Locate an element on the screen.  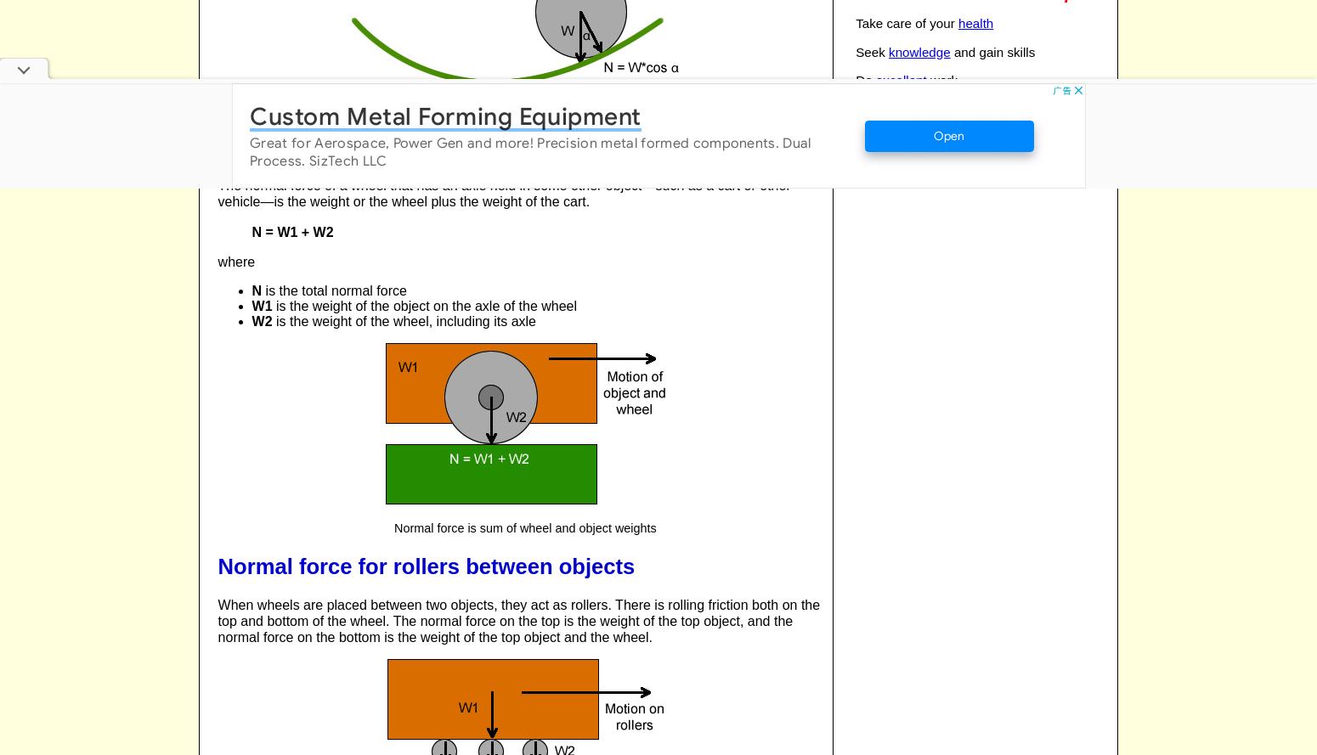
'is the weight of the object on the axle of the wheel' is located at coordinates (271, 304).